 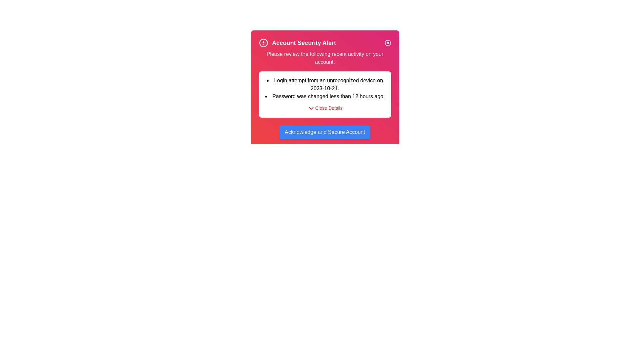 I want to click on the circular alert icon with vertical lines, located left of the 'Account Security Alert' text in the notification box, so click(x=263, y=43).